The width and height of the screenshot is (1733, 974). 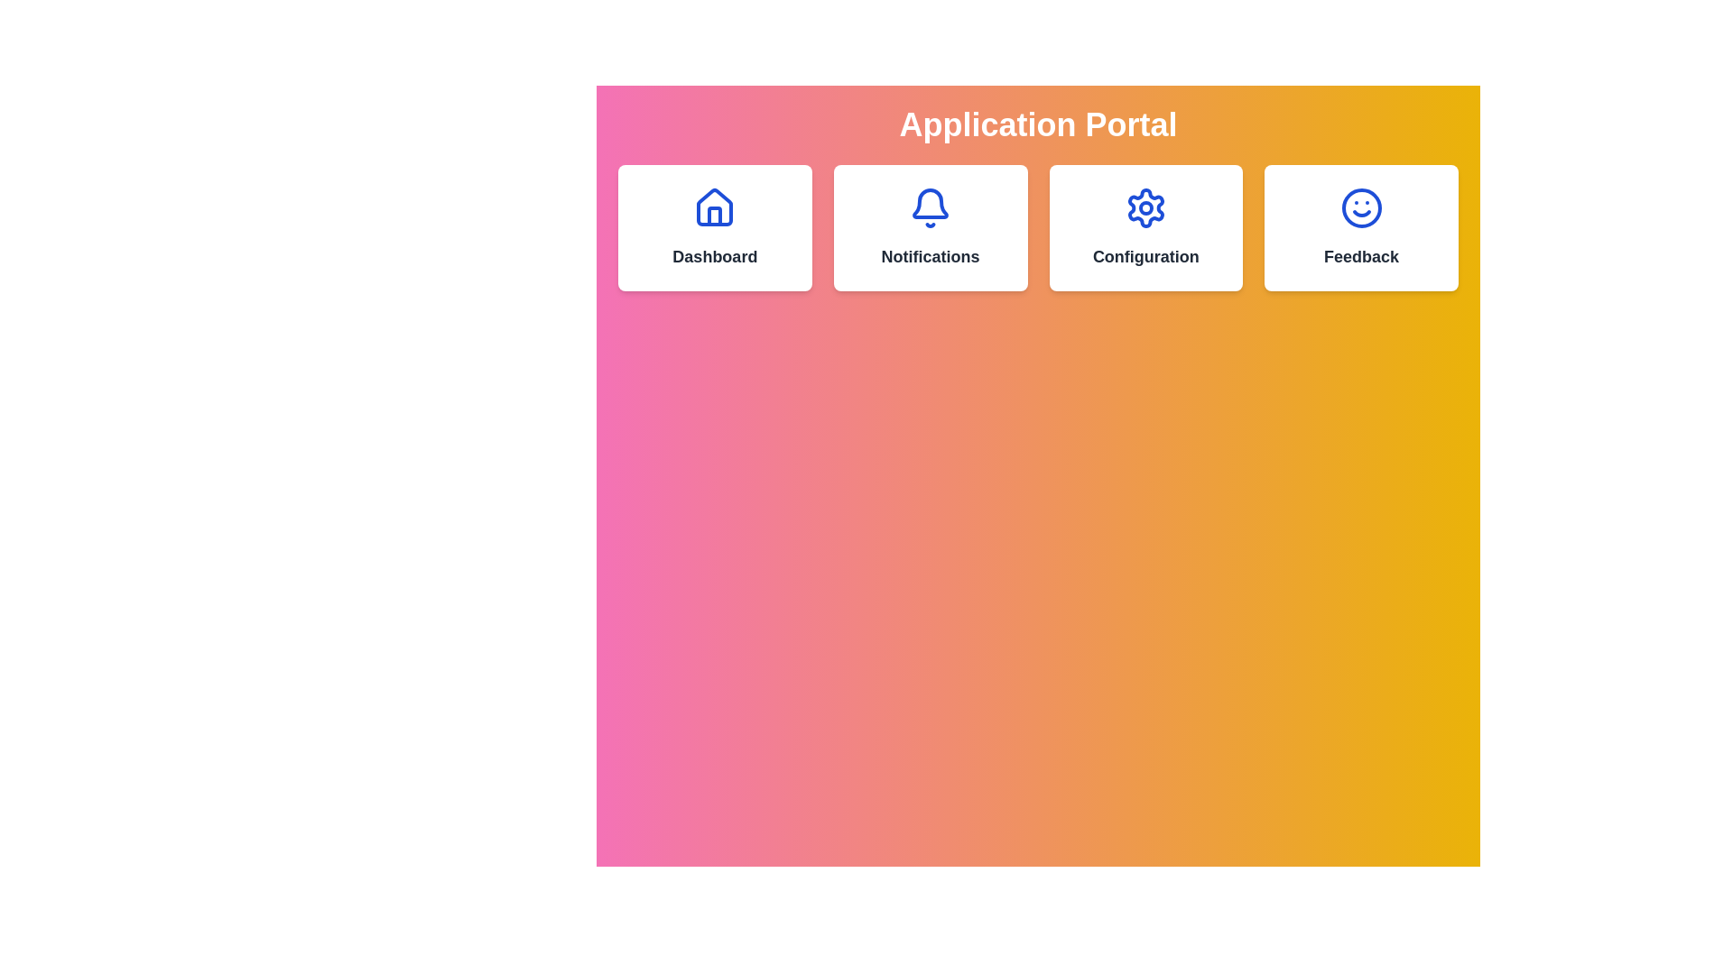 I want to click on text on the 'Dashboard' label, which is a bold black text located below a house icon within a card layout in the top-left quadrant of the interface, so click(x=714, y=257).